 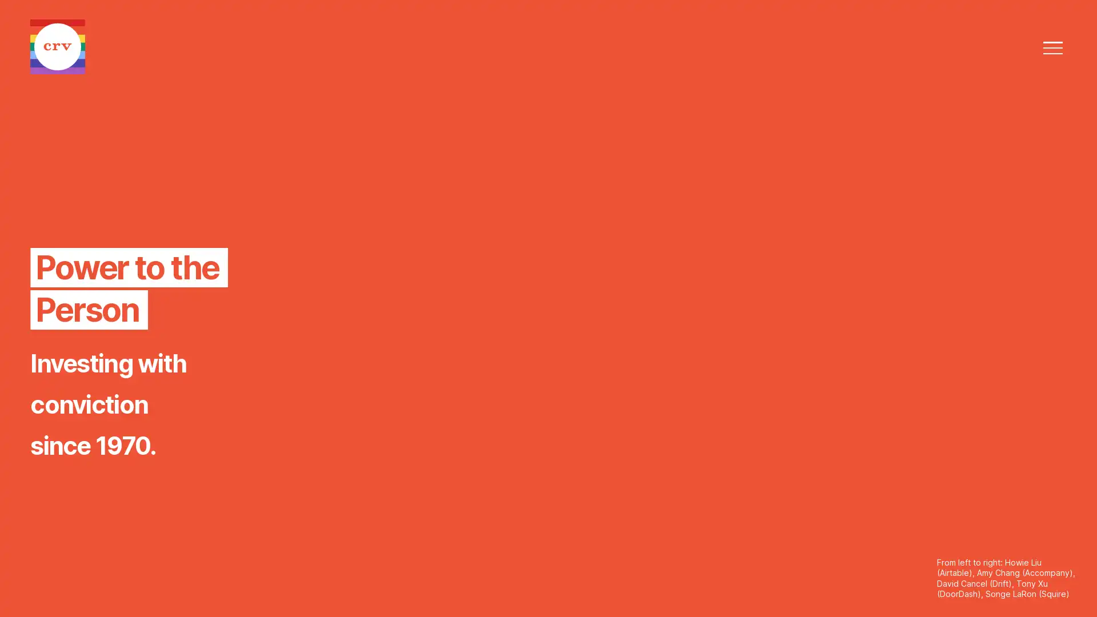 I want to click on Open CRV menu, so click(x=1052, y=47).